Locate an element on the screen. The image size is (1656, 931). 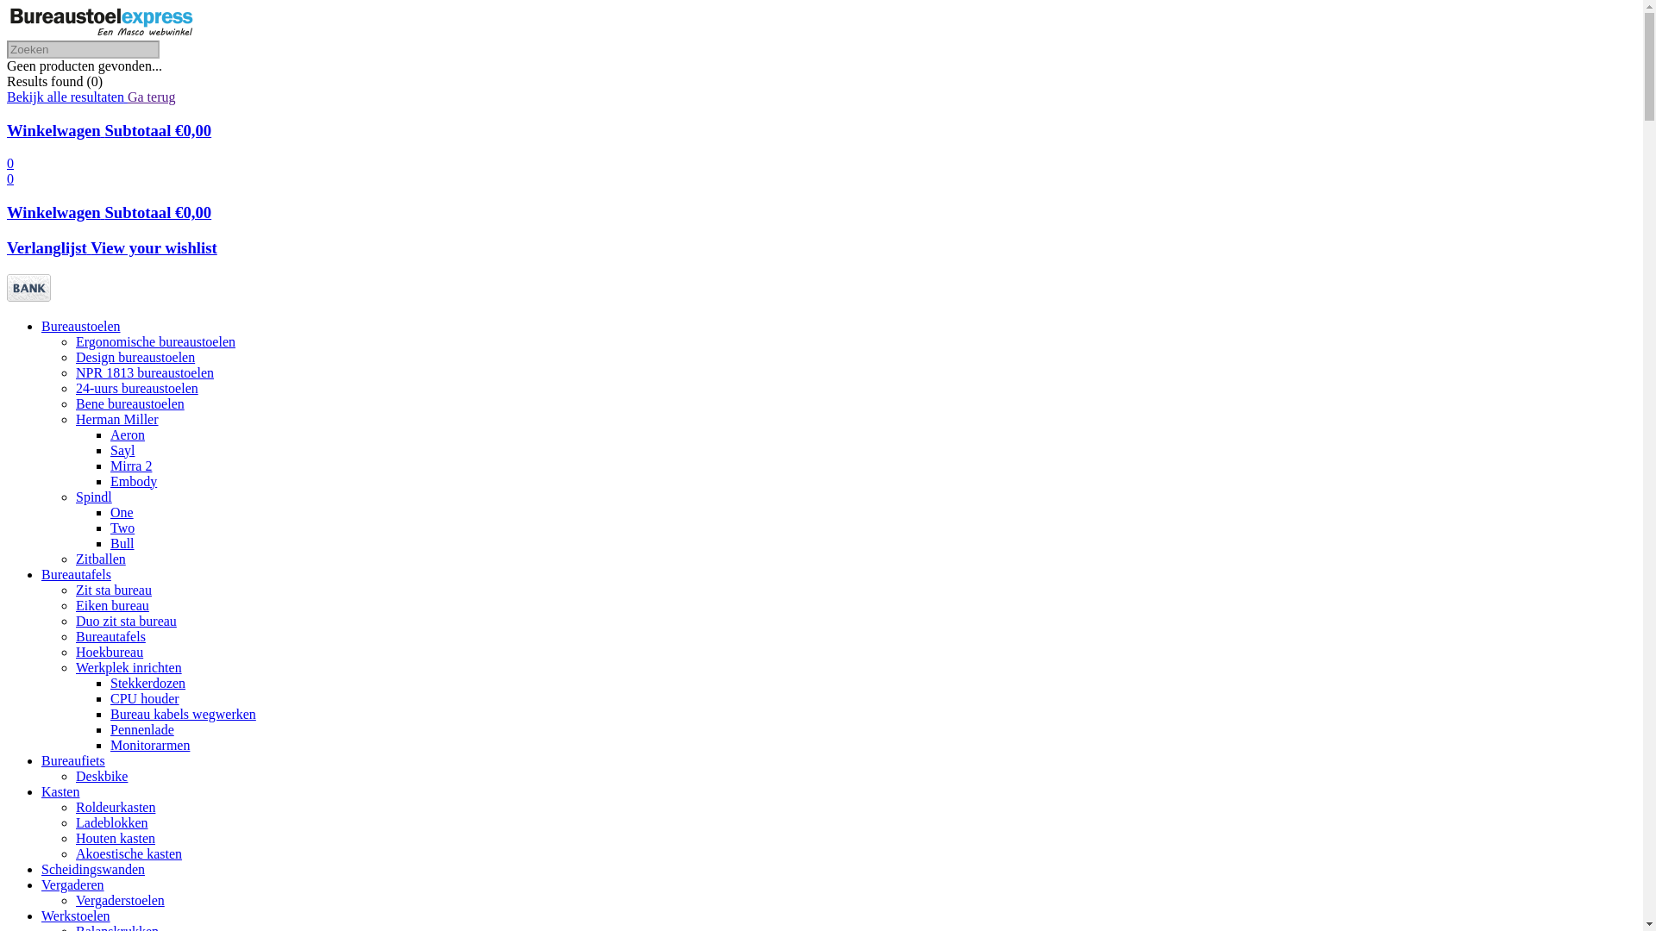
'Eiken bureau' is located at coordinates (111, 604).